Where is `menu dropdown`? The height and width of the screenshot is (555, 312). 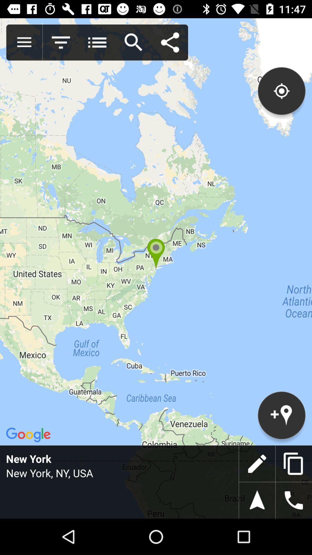
menu dropdown is located at coordinates (97, 42).